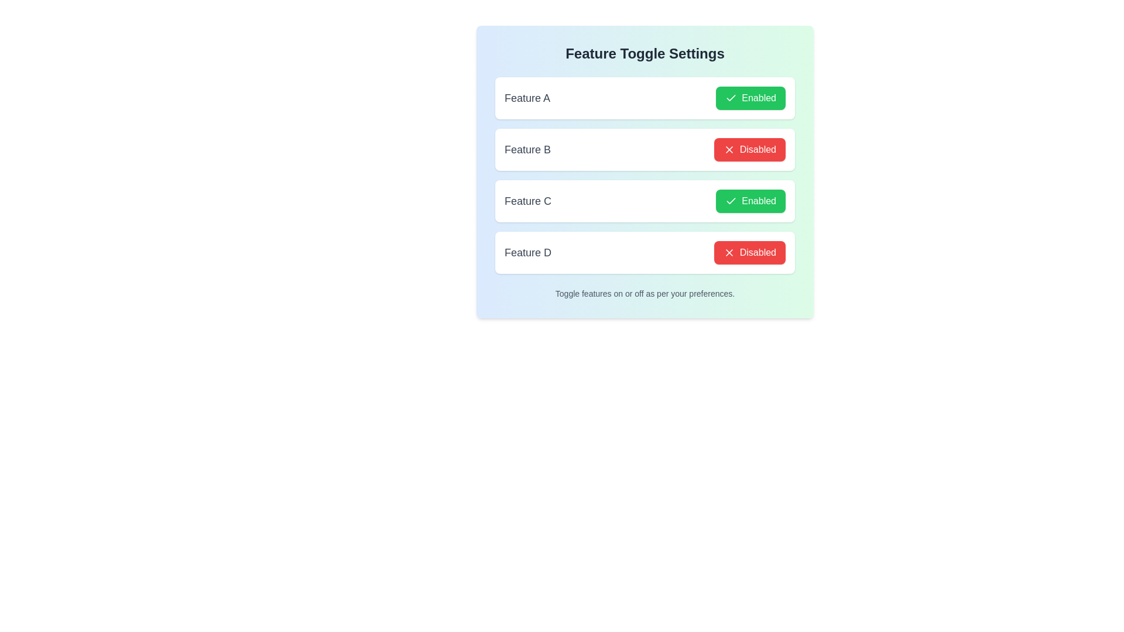  Describe the element at coordinates (731, 200) in the screenshot. I see `the green checkmark icon within the 'Enabled' button, which has a green background and white text, located adjacent to the text 'Enabled'` at that location.